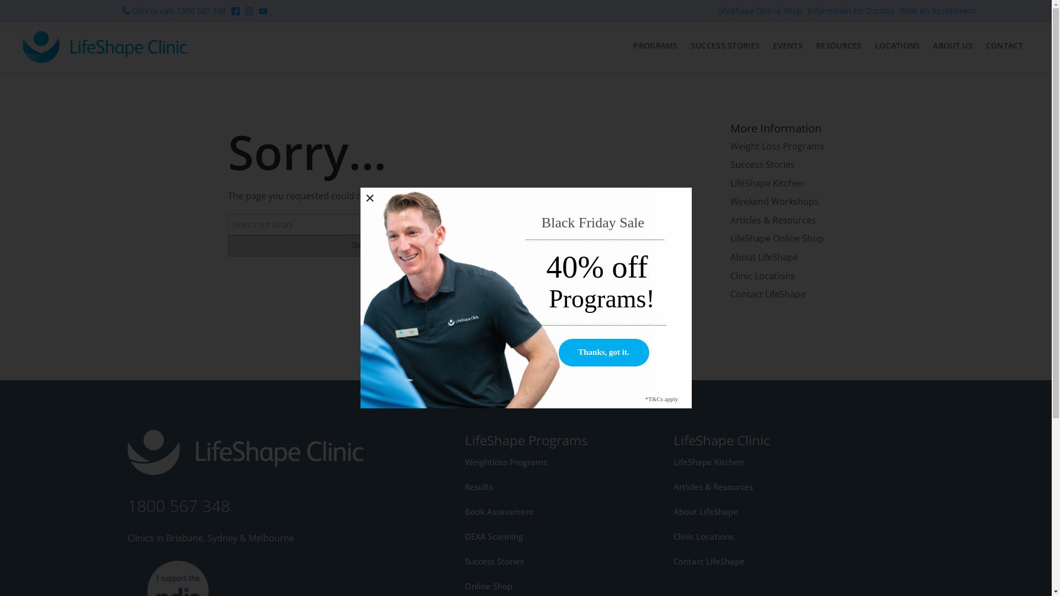  What do you see at coordinates (761, 165) in the screenshot?
I see `'Success Stories'` at bounding box center [761, 165].